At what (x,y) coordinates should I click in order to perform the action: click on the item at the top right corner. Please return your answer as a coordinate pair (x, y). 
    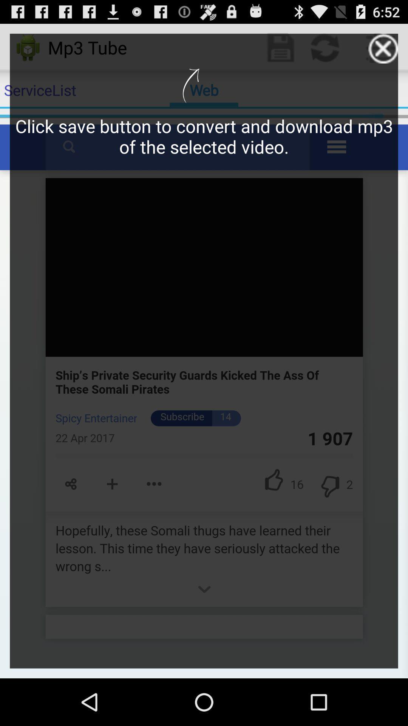
    Looking at the image, I should click on (383, 48).